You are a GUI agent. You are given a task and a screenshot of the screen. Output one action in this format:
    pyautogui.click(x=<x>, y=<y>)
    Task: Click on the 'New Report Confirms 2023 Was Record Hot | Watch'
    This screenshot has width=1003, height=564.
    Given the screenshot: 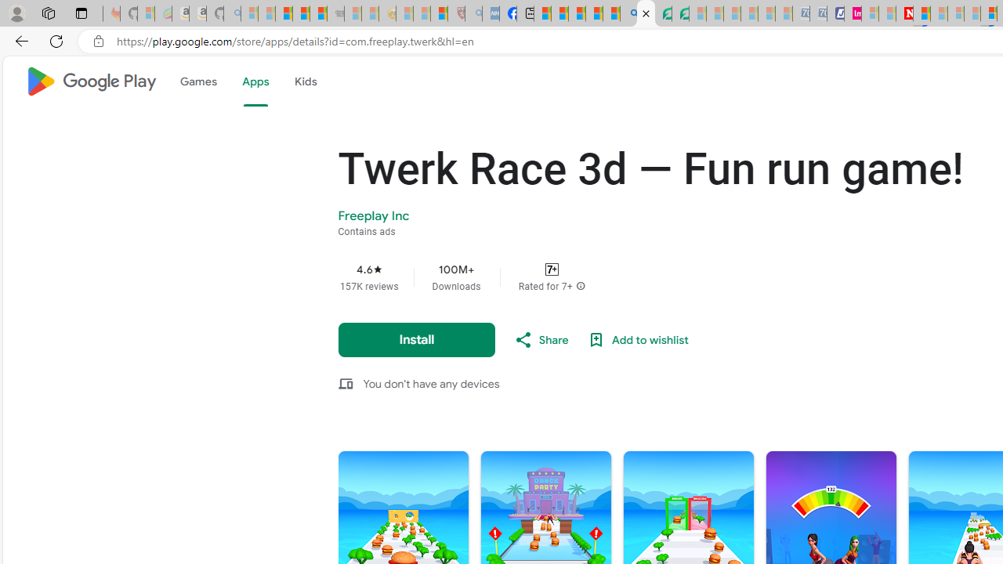 What is the action you would take?
    pyautogui.click(x=317, y=13)
    